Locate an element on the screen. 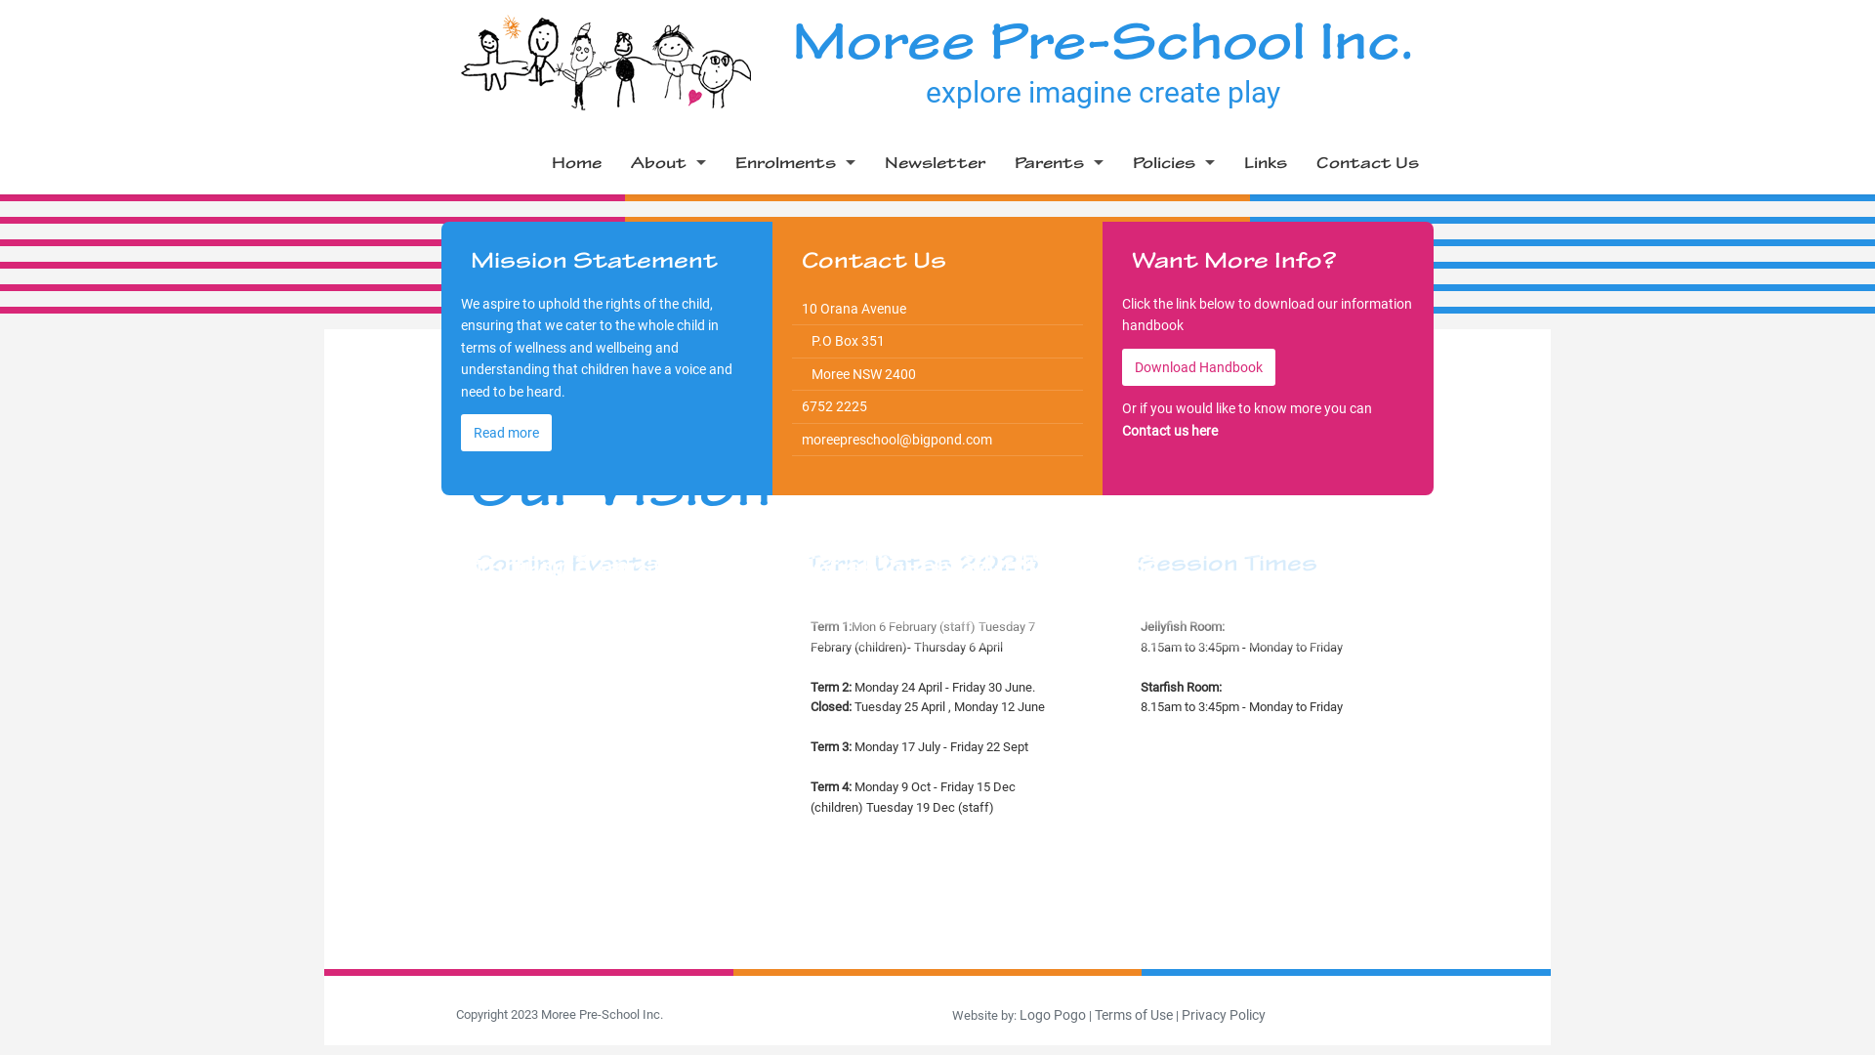 This screenshot has width=1875, height=1055. 'Contact us here' is located at coordinates (1170, 429).